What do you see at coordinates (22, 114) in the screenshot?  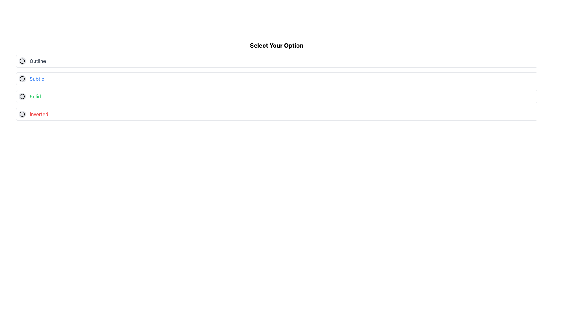 I see `the radio button circle for the 'Inverted' option in the vertical list of radio buttons` at bounding box center [22, 114].